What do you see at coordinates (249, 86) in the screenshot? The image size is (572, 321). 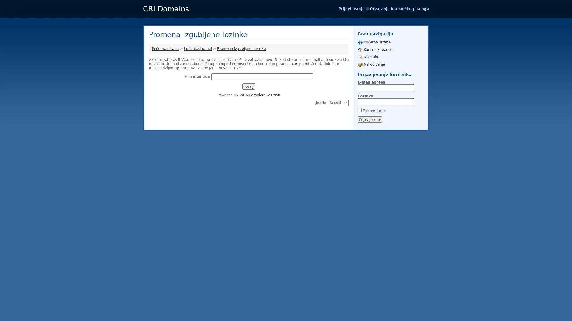 I see `Posalji` at bounding box center [249, 86].